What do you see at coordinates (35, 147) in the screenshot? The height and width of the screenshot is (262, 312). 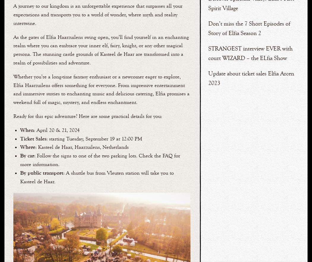 I see `': Kasteel de Haar, Haarzuilens, Netherlands'` at bounding box center [35, 147].